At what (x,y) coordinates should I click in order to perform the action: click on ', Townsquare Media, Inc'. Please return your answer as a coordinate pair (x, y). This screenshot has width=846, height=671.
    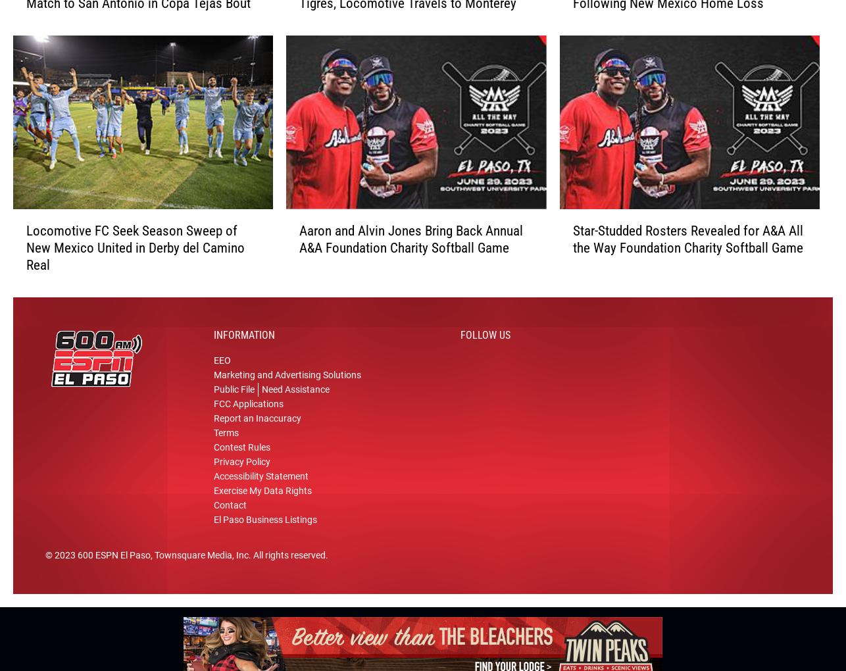
    Looking at the image, I should click on (199, 560).